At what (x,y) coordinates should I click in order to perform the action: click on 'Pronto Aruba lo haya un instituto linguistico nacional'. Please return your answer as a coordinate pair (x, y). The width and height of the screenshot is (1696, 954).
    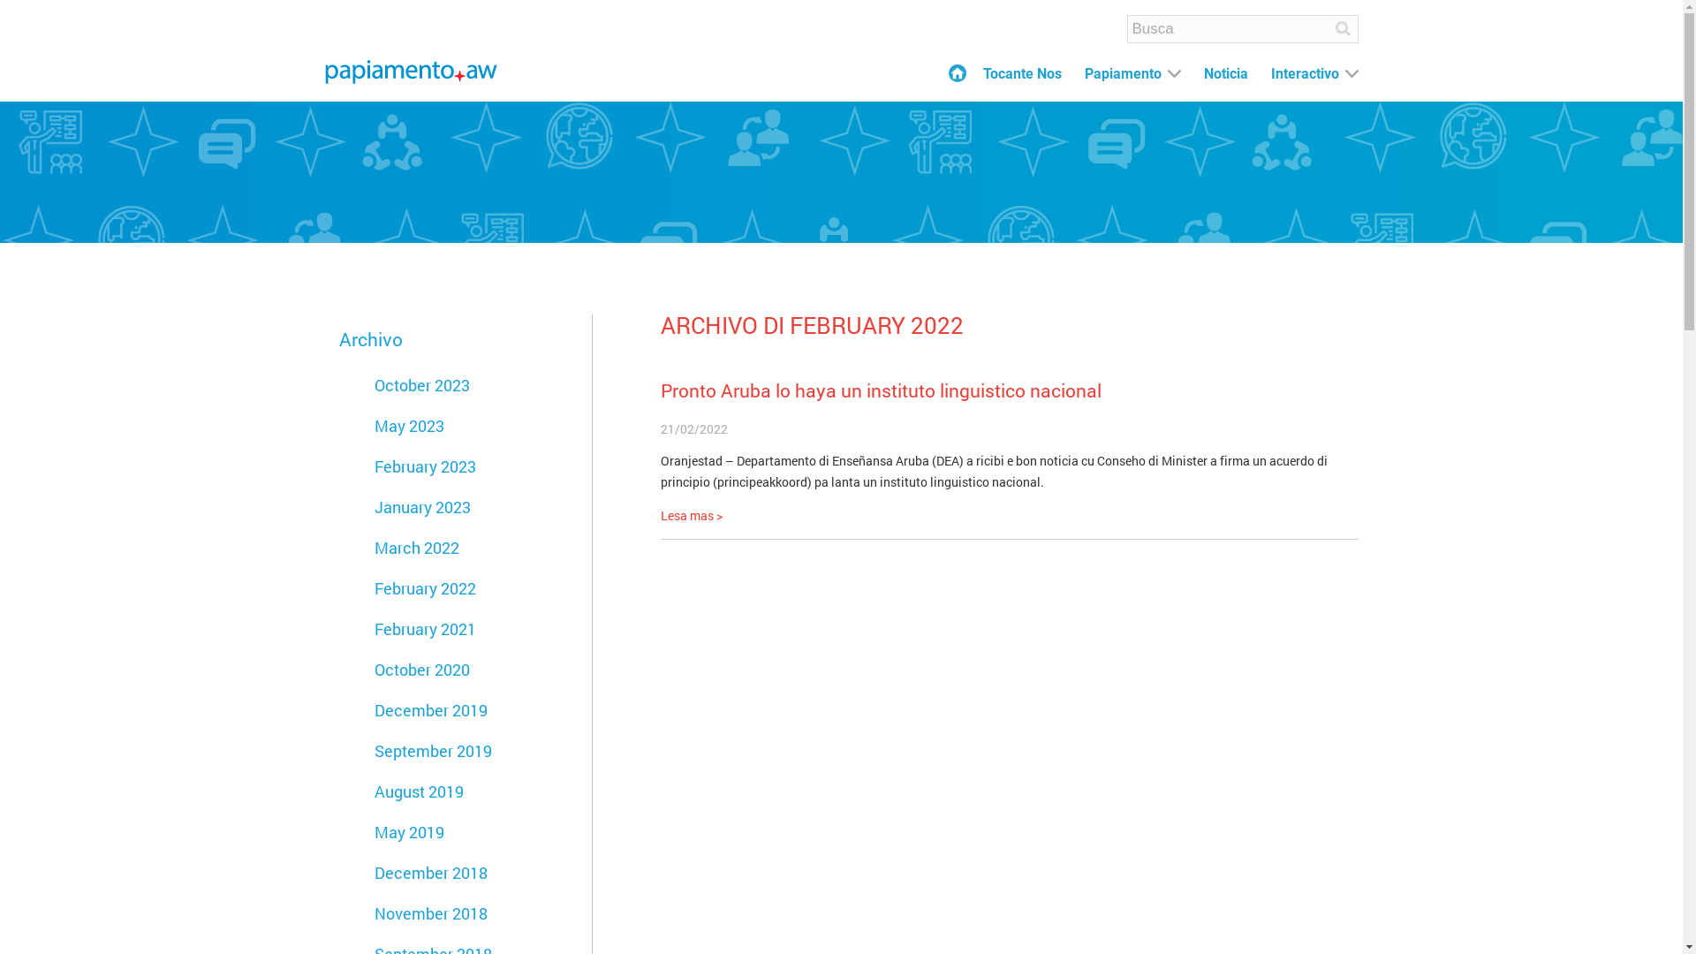
    Looking at the image, I should click on (881, 390).